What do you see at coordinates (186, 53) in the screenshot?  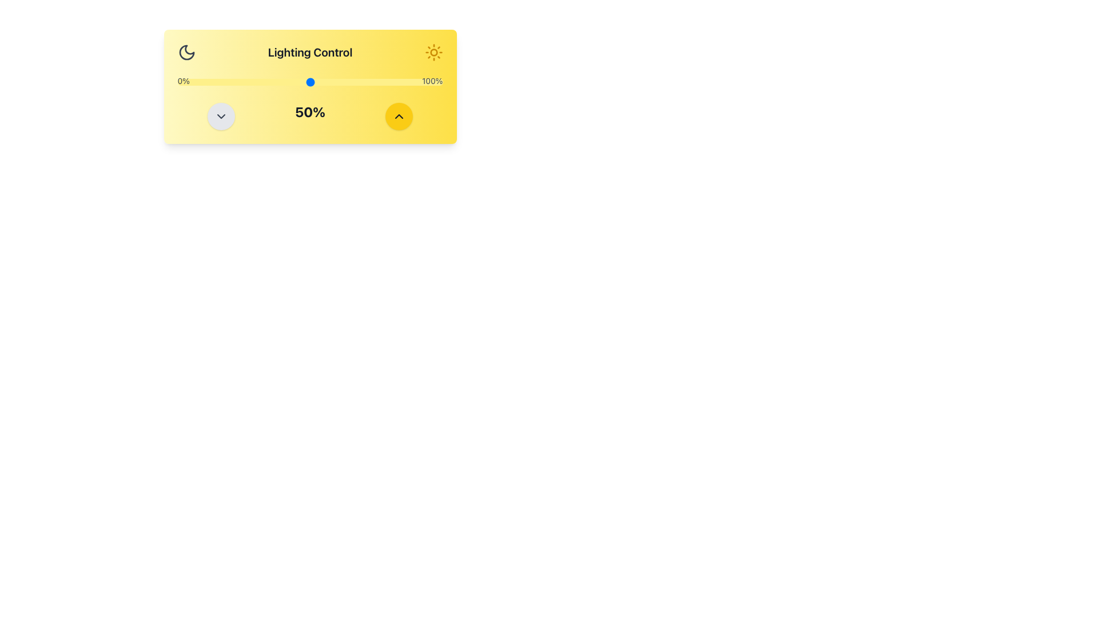 I see `the outlined crescent moon icon in the 'Lighting Control' section located on the far left, adjacent to the title text 'Lighting Control'` at bounding box center [186, 53].